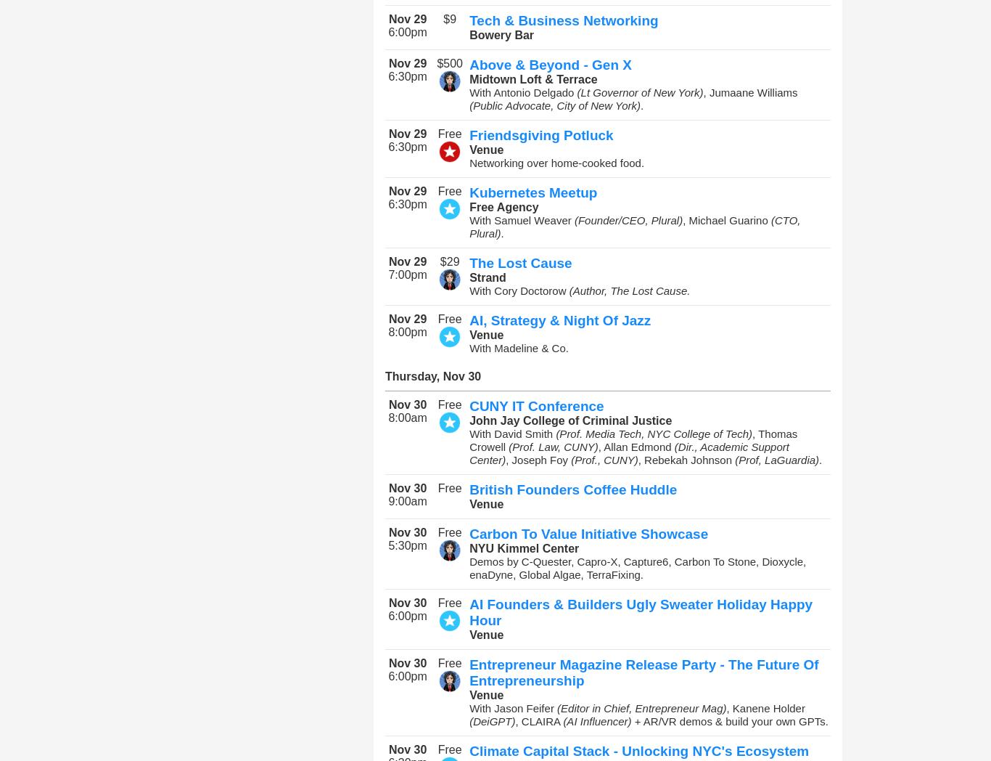 Image resolution: width=991 pixels, height=761 pixels. What do you see at coordinates (628, 452) in the screenshot?
I see `'(Dir., Academic Support Center)'` at bounding box center [628, 452].